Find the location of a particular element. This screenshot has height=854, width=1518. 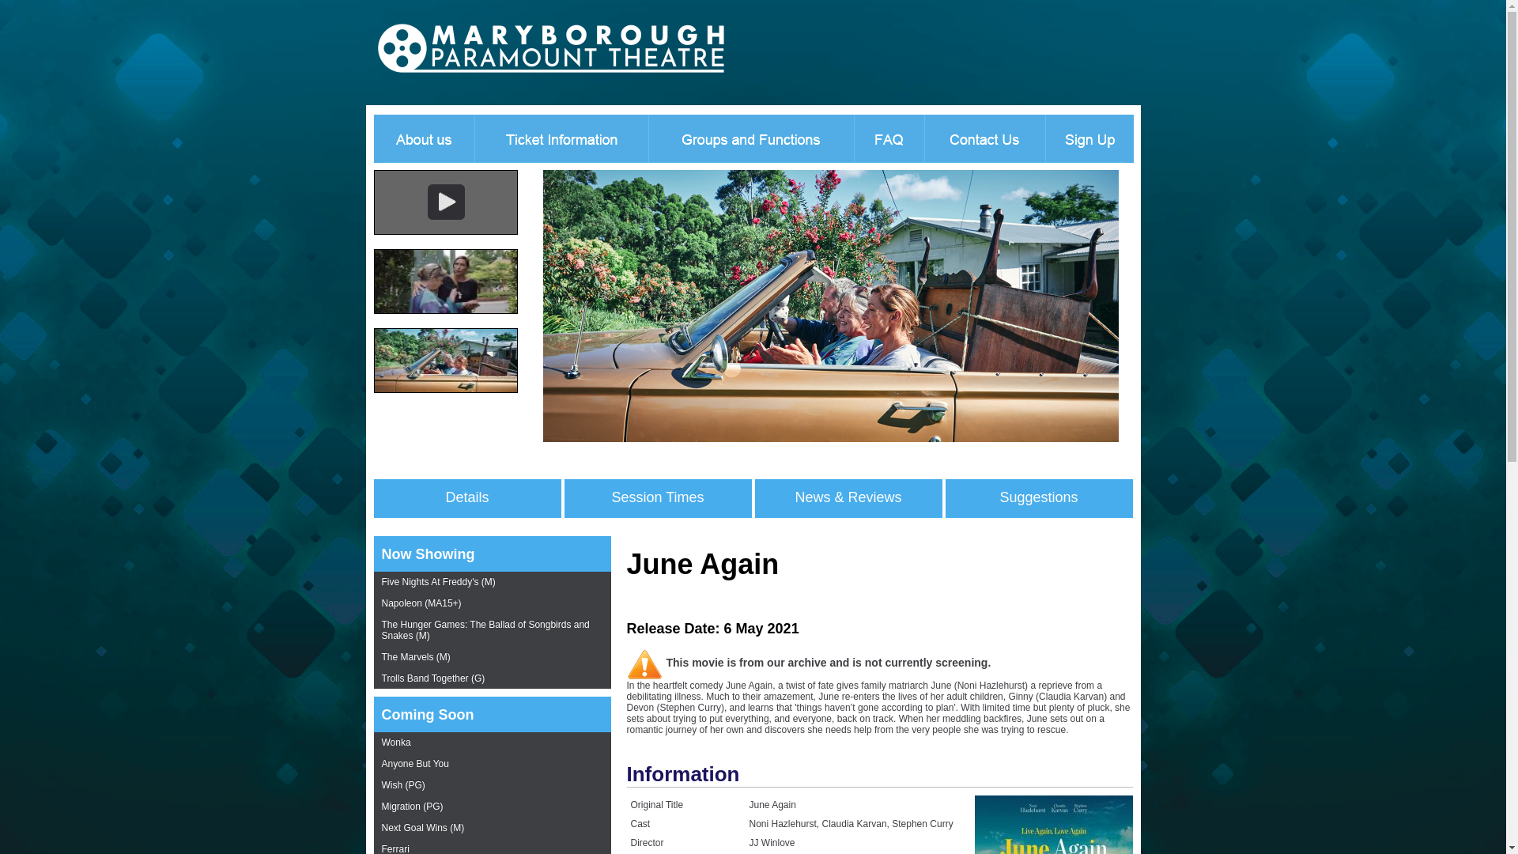

'Anyone But You' is located at coordinates (372, 763).